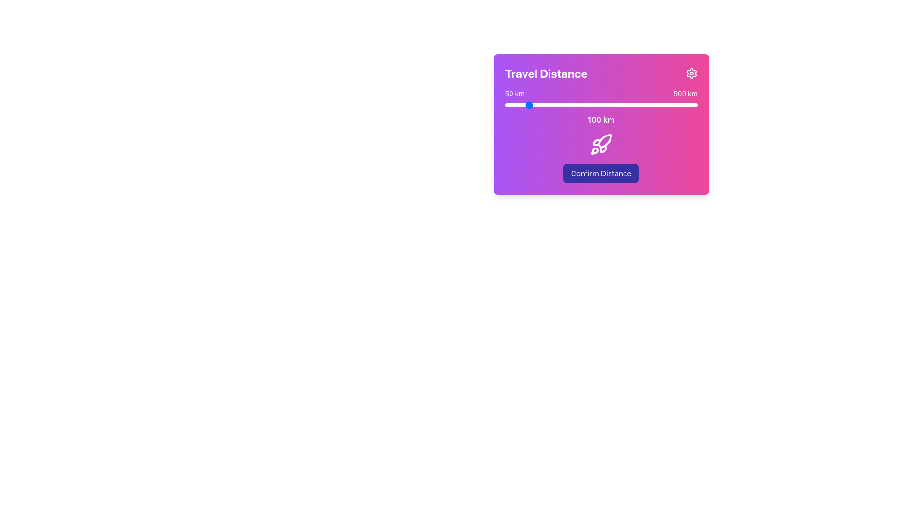  Describe the element at coordinates (692, 105) in the screenshot. I see `the travel distance` at that location.